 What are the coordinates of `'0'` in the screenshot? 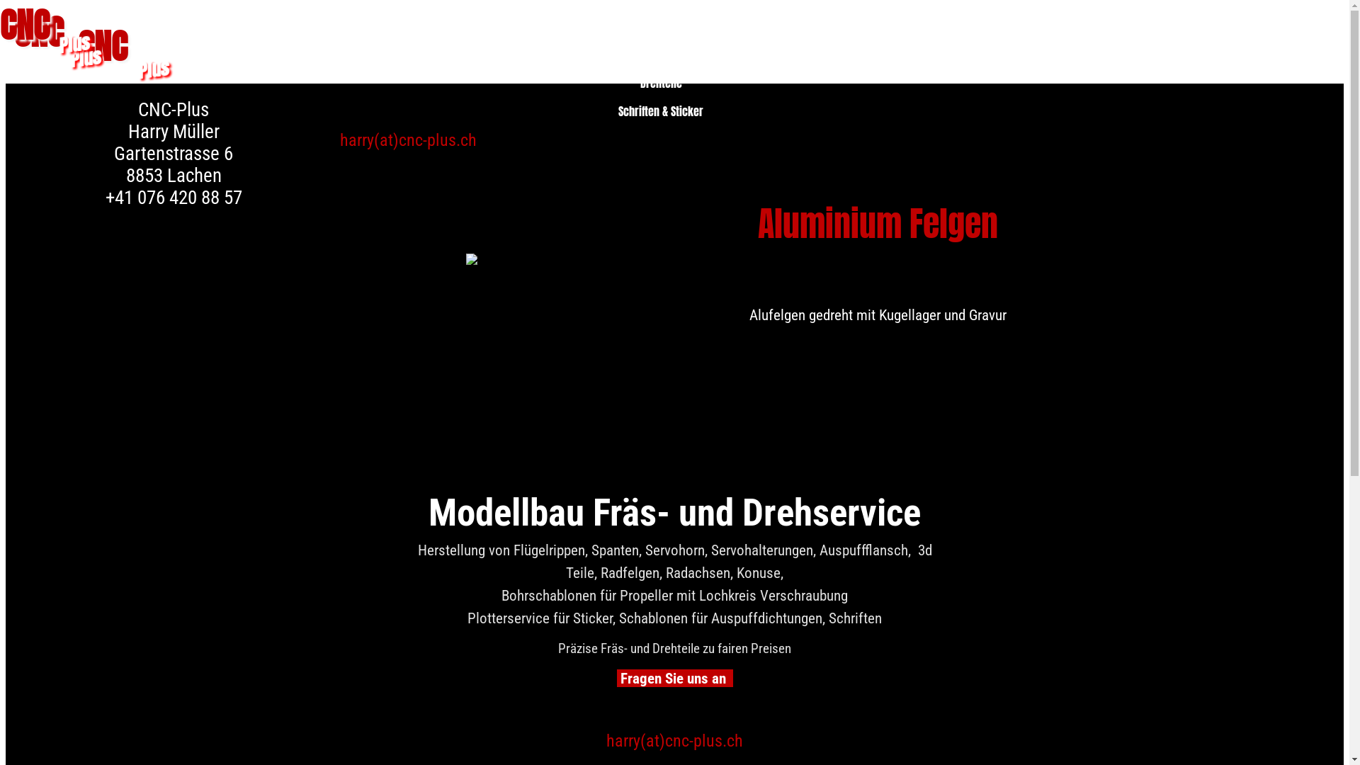 It's located at (4, 4).